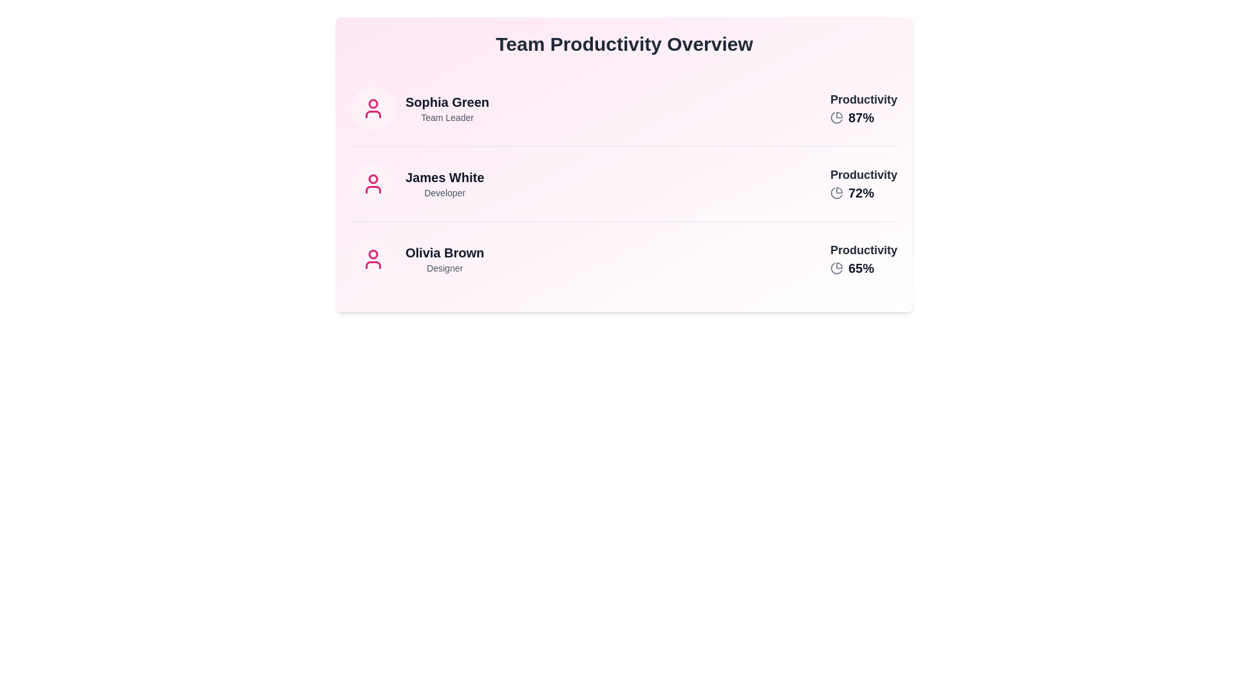 The width and height of the screenshot is (1236, 695). What do you see at coordinates (863, 259) in the screenshot?
I see `the informational label displaying 'Productivity' and '65%' with a pie chart icon, specifically associated with the entry for 'Olivia Brown', by moving the cursor to it` at bounding box center [863, 259].